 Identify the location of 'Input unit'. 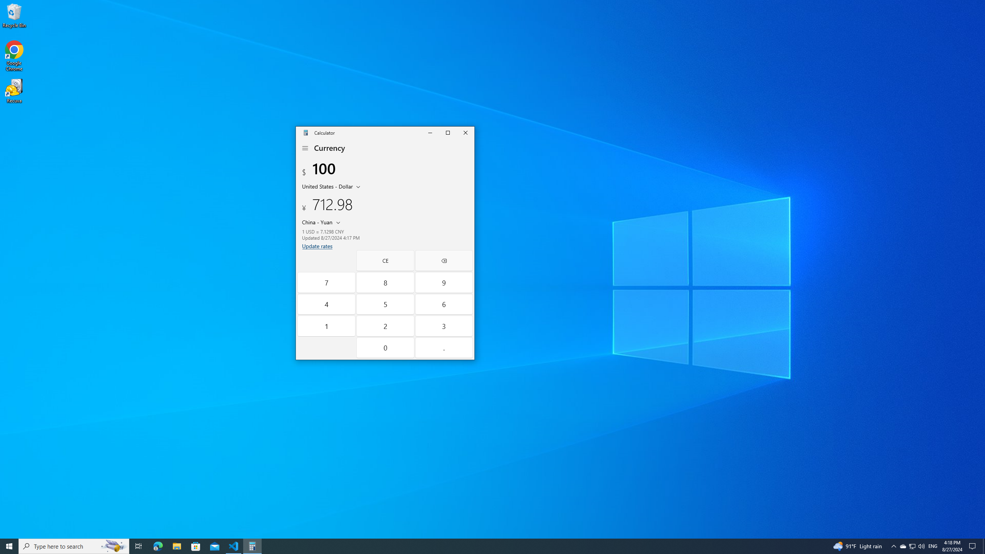
(332, 185).